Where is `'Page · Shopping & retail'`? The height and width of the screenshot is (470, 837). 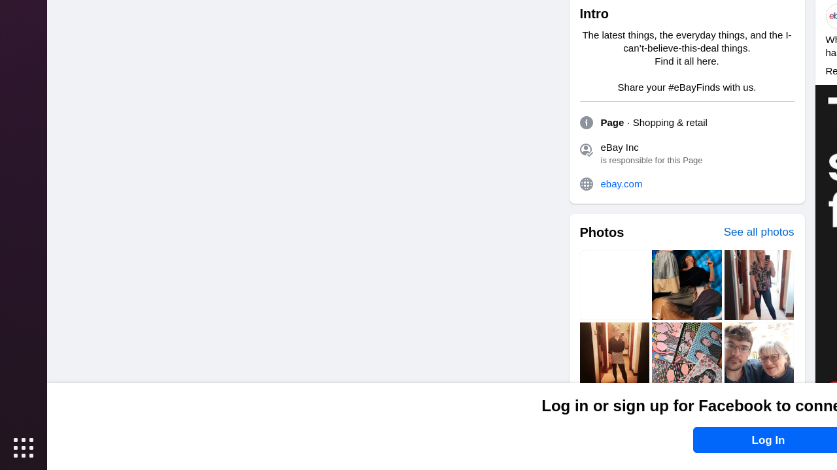
'Page · Shopping & retail' is located at coordinates (653, 122).